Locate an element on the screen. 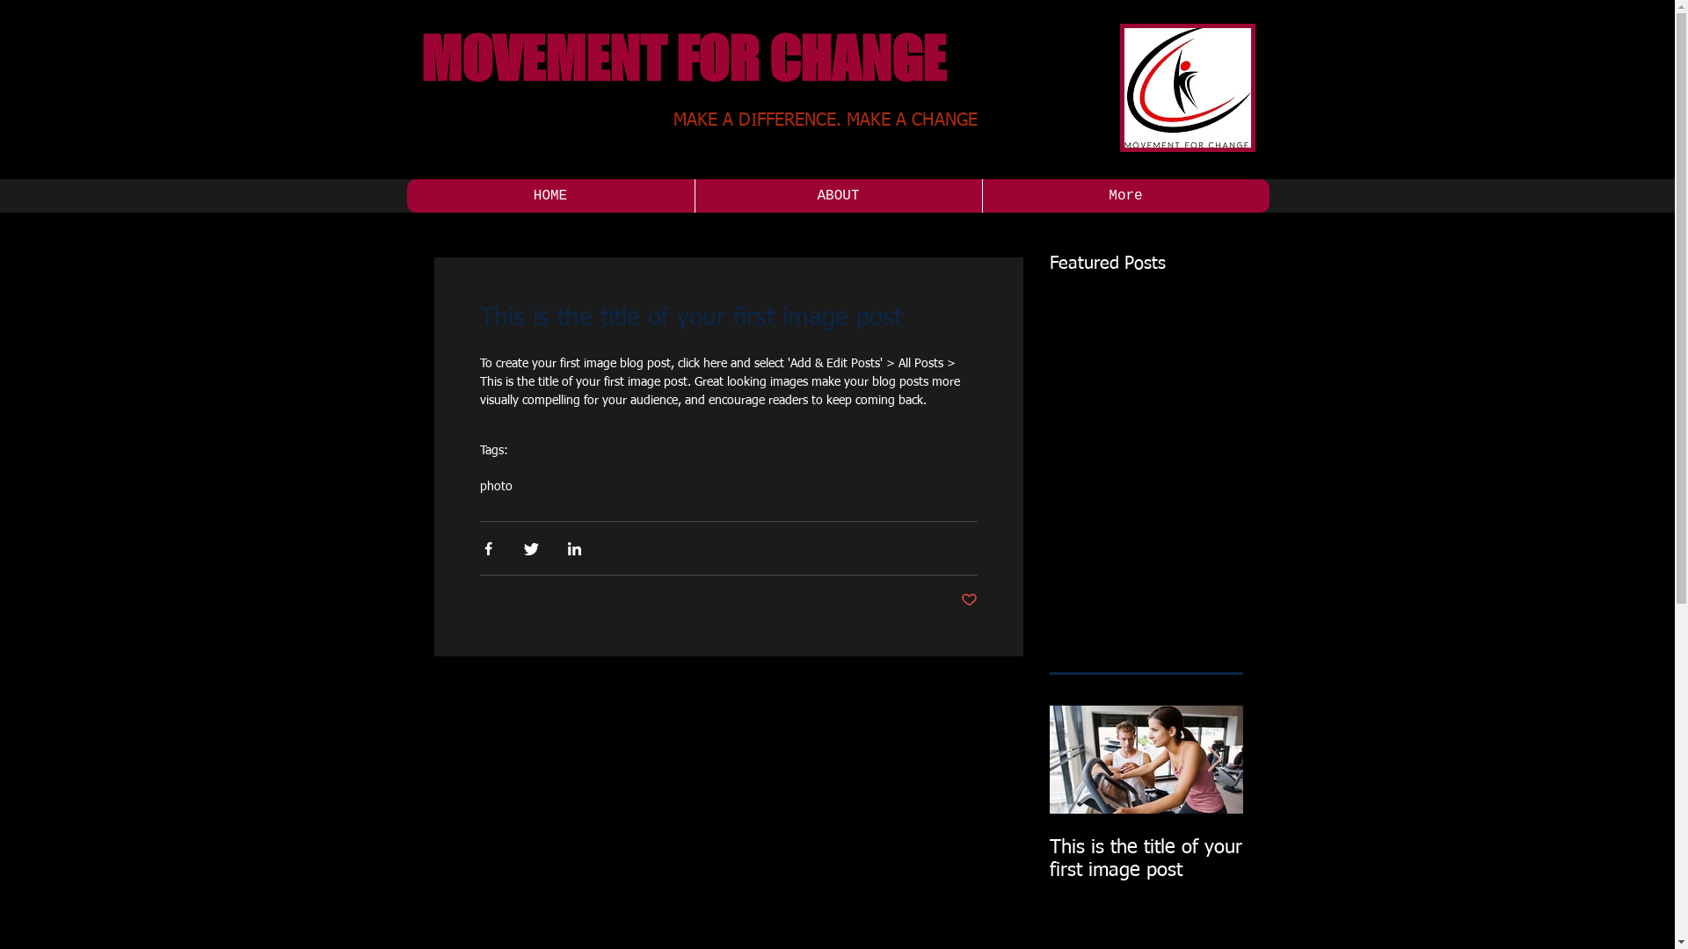  'ABOUT' is located at coordinates (837, 196).